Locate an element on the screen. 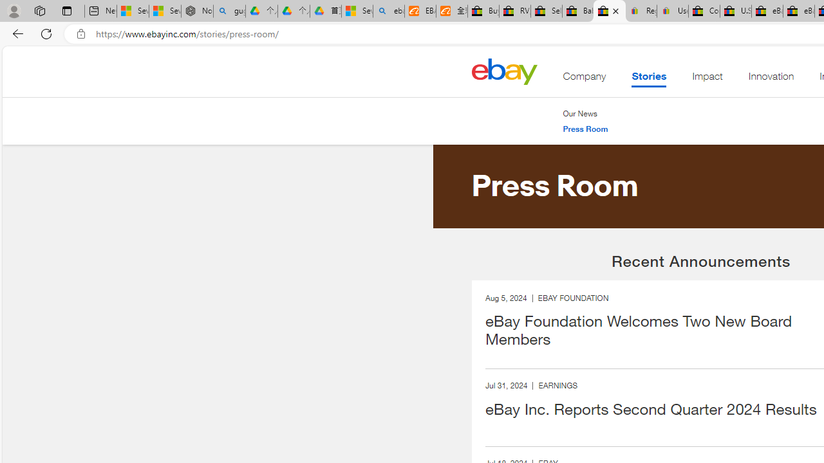 This screenshot has height=463, width=824. 'Baby Keepsakes & Announcements for sale | eBay' is located at coordinates (577, 11).